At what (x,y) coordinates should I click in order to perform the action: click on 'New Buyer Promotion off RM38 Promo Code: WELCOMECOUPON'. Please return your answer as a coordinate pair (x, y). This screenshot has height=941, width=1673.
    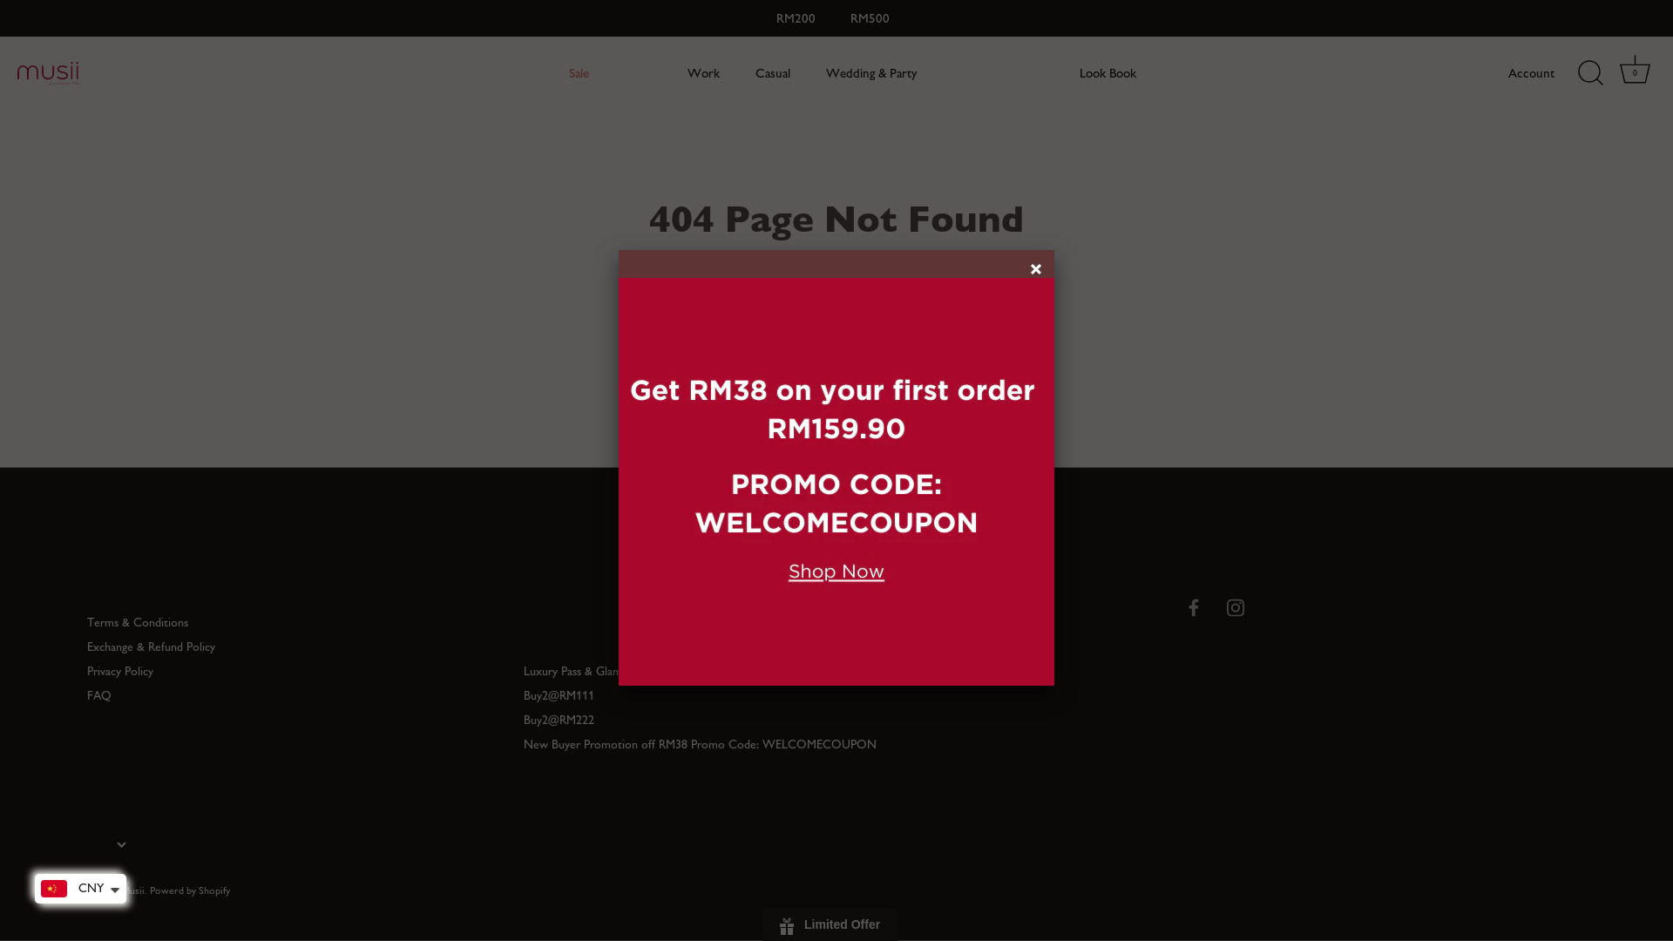
    Looking at the image, I should click on (700, 744).